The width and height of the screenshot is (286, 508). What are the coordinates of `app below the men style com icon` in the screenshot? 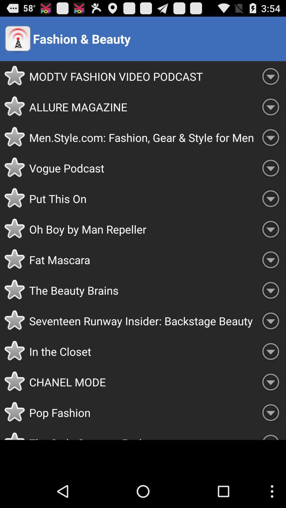 It's located at (142, 168).